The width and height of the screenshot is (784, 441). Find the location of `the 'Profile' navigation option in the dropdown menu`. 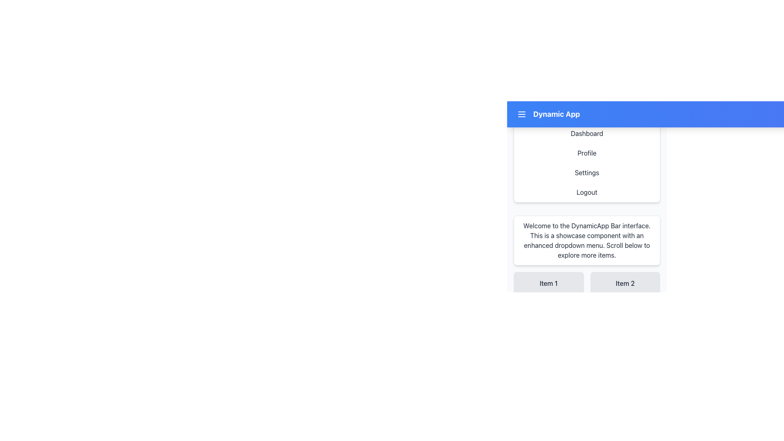

the 'Profile' navigation option in the dropdown menu is located at coordinates (586, 151).